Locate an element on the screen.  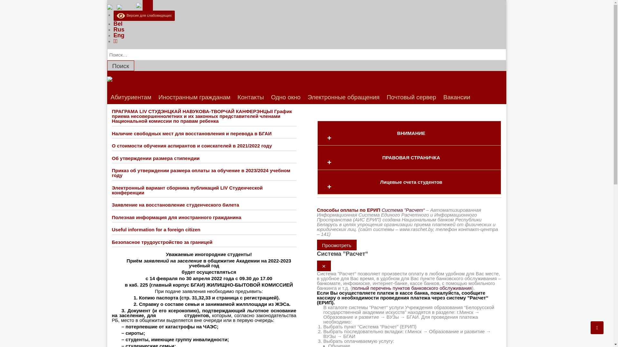
'Bel is located at coordinates (117, 23).